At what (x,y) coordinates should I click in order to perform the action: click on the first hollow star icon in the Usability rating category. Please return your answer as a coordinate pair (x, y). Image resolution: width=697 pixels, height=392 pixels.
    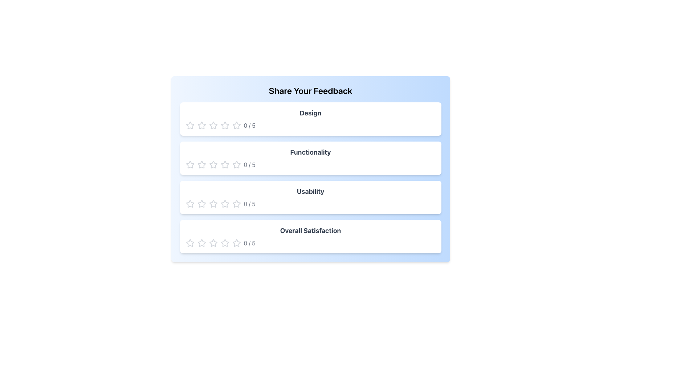
    Looking at the image, I should click on (213, 204).